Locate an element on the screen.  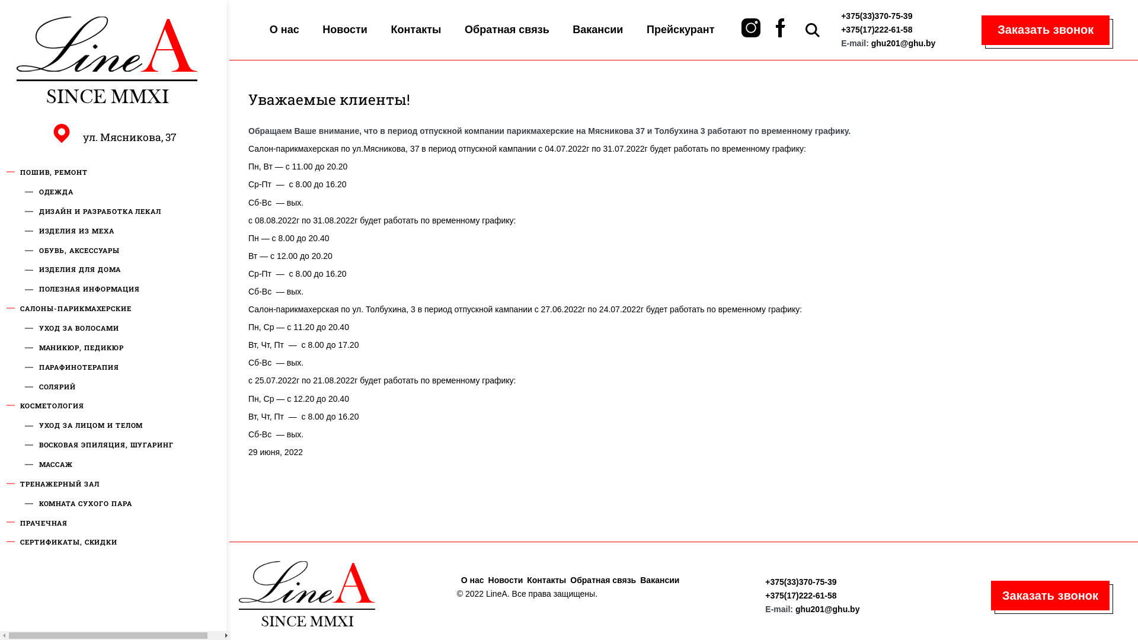
'ghu201@ghu.by' is located at coordinates (827, 609).